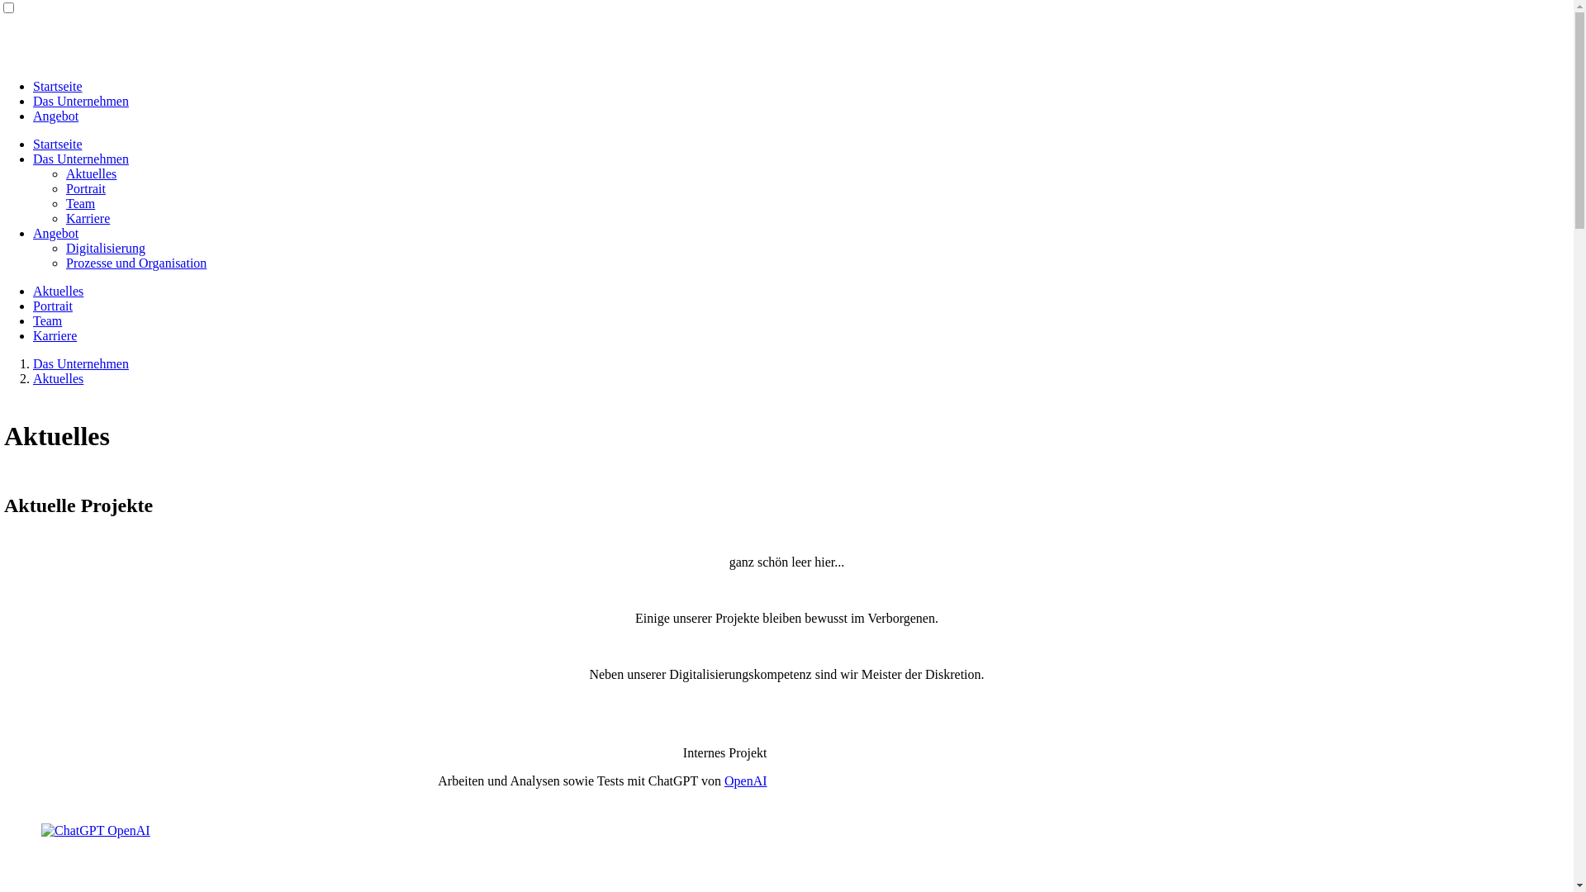  Describe the element at coordinates (58, 86) in the screenshot. I see `'Startseite'` at that location.